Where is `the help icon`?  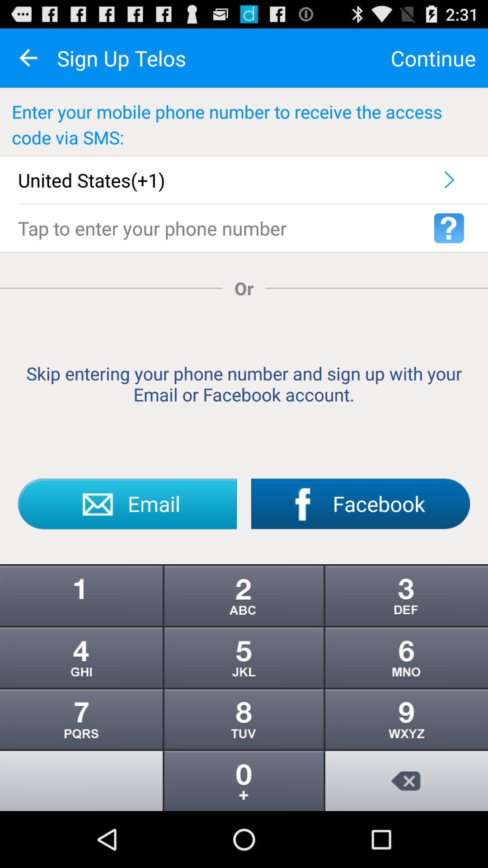 the help icon is located at coordinates (449, 244).